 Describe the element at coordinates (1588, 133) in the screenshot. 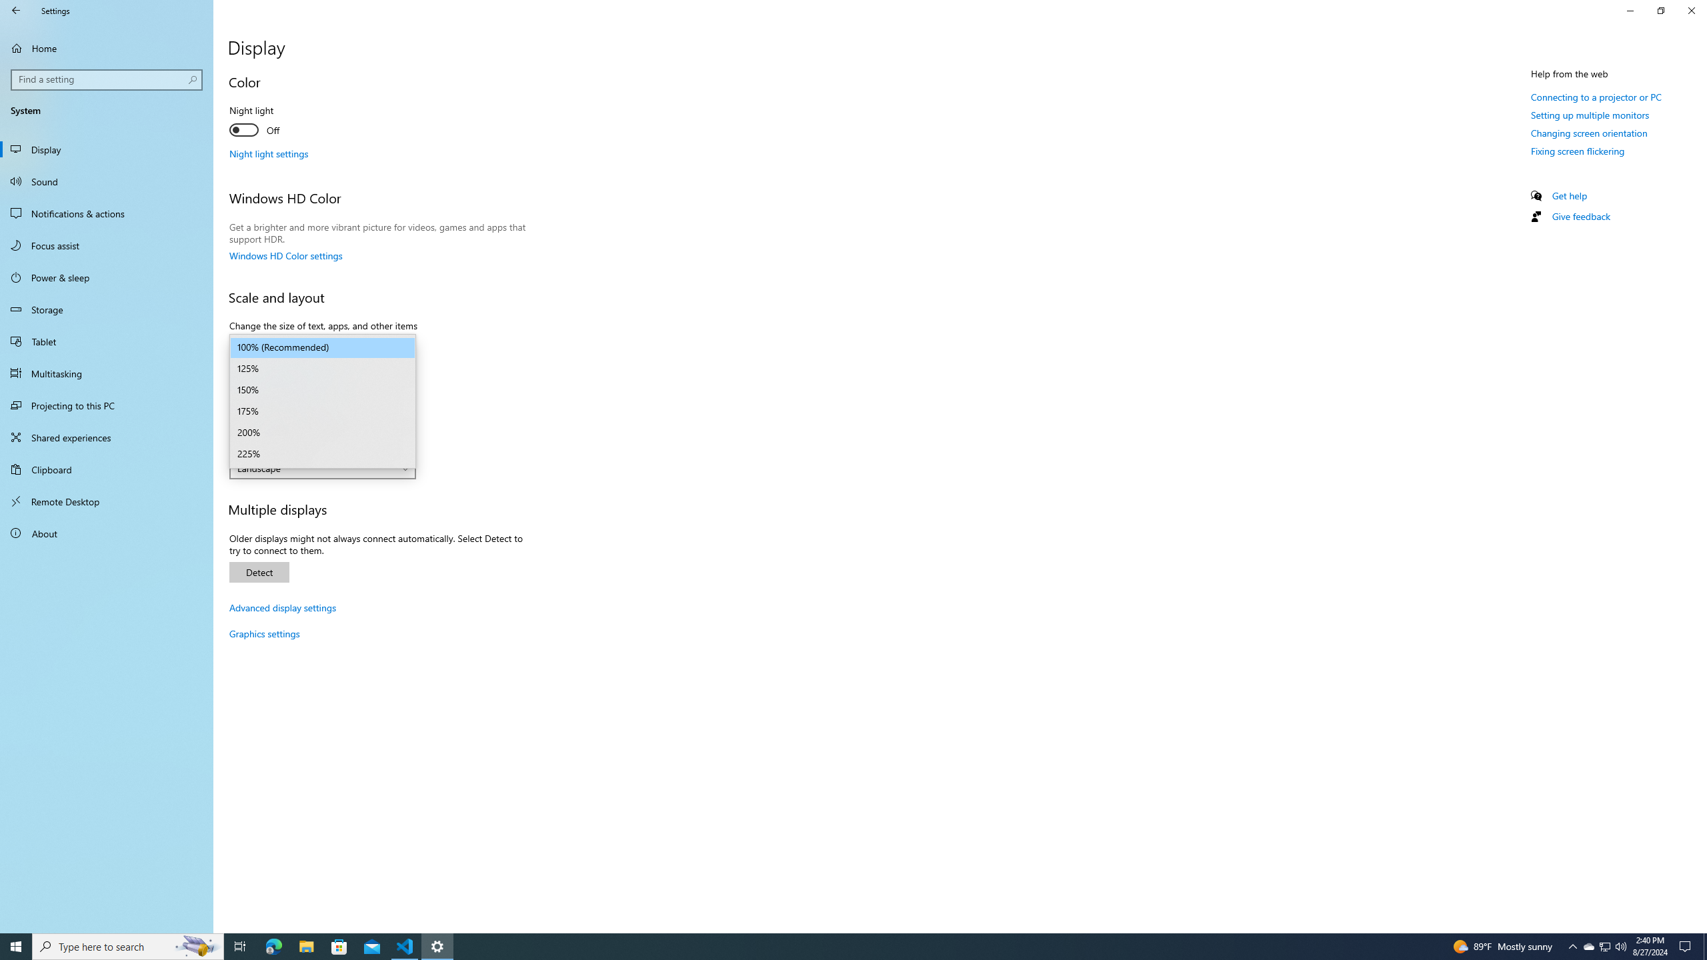

I see `'Changing screen orientation'` at that location.